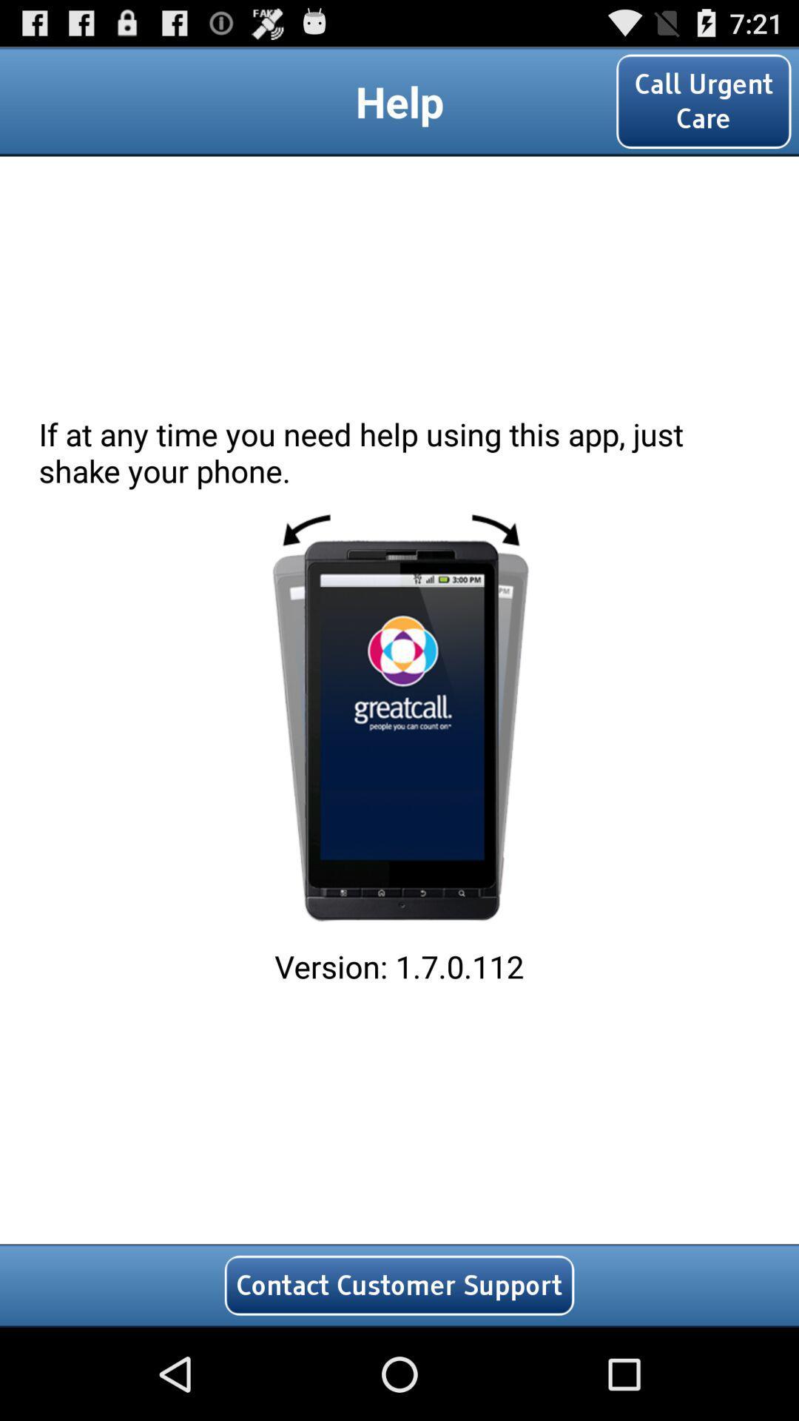 The image size is (799, 1421). Describe the element at coordinates (399, 1285) in the screenshot. I see `the contact customer support icon` at that location.